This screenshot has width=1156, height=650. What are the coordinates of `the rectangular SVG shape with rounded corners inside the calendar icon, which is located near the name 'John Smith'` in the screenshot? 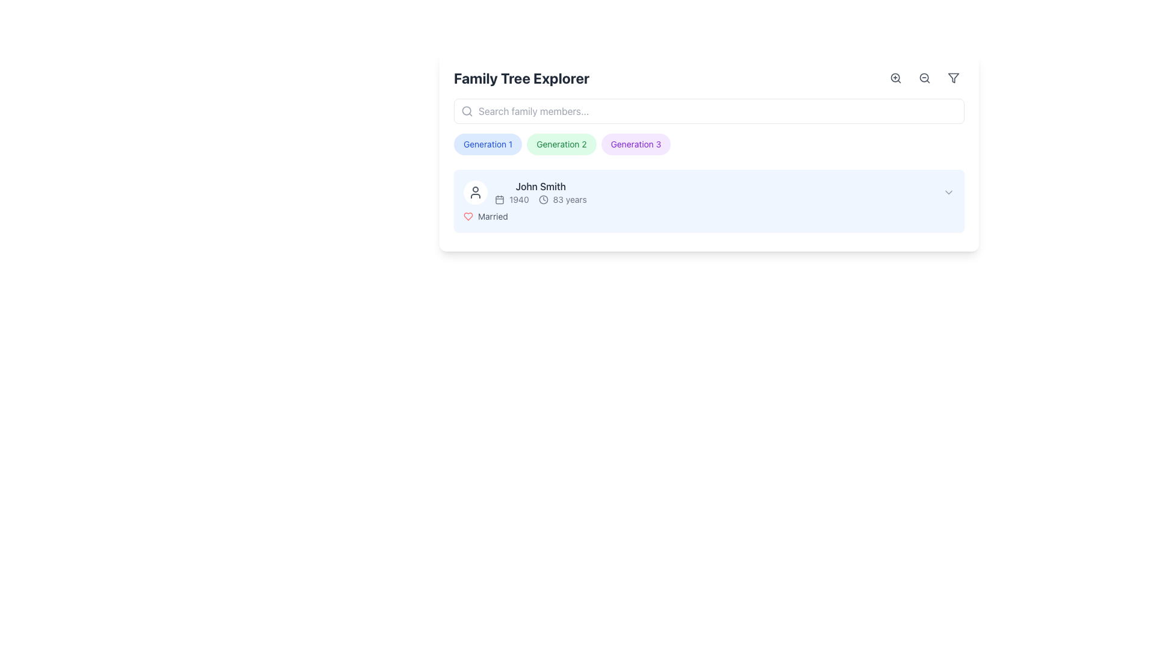 It's located at (500, 199).